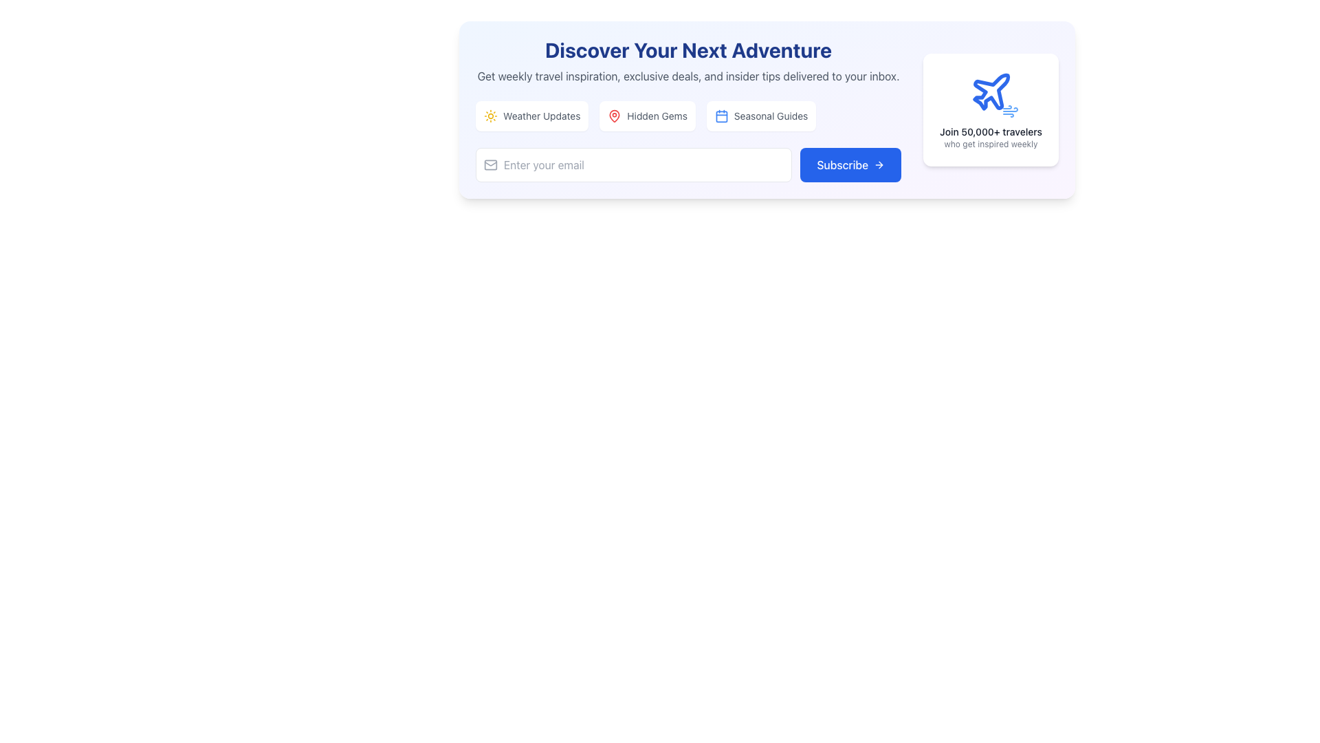 The width and height of the screenshot is (1320, 743). I want to click on the upper-central Text block that introduces and describes the section's purpose, which is positioned above the 'Weather Updates,' 'Hidden Gems,' and 'Seasonal Guides' buttons, so click(688, 60).